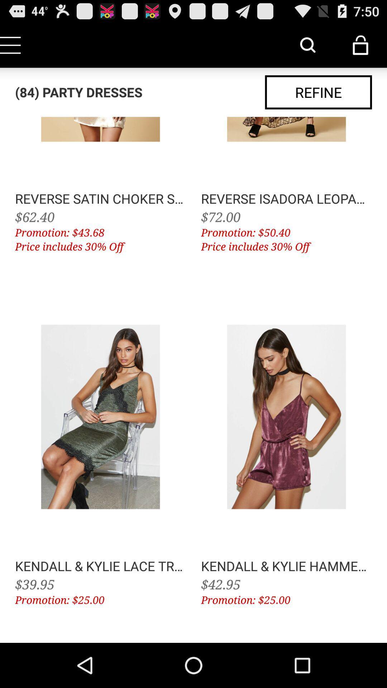 The width and height of the screenshot is (387, 688). Describe the element at coordinates (318, 92) in the screenshot. I see `app next to (84) party dresses item` at that location.